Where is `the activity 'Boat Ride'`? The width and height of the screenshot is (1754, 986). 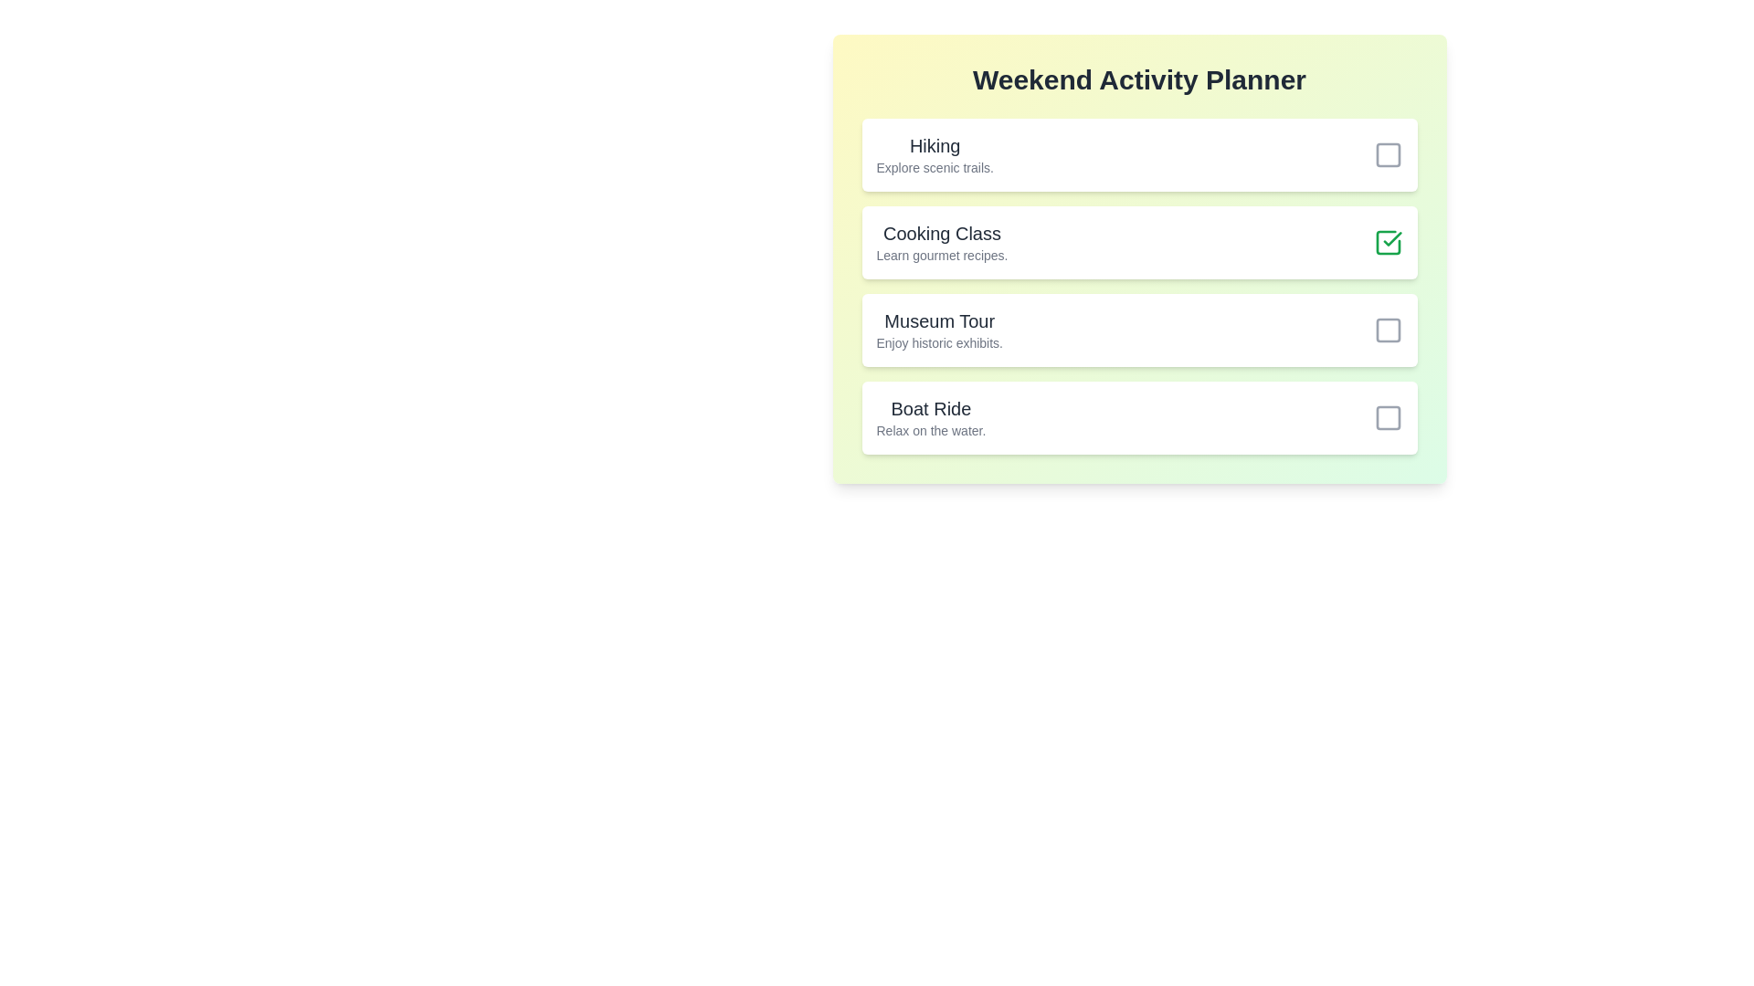 the activity 'Boat Ride' is located at coordinates (1388, 418).